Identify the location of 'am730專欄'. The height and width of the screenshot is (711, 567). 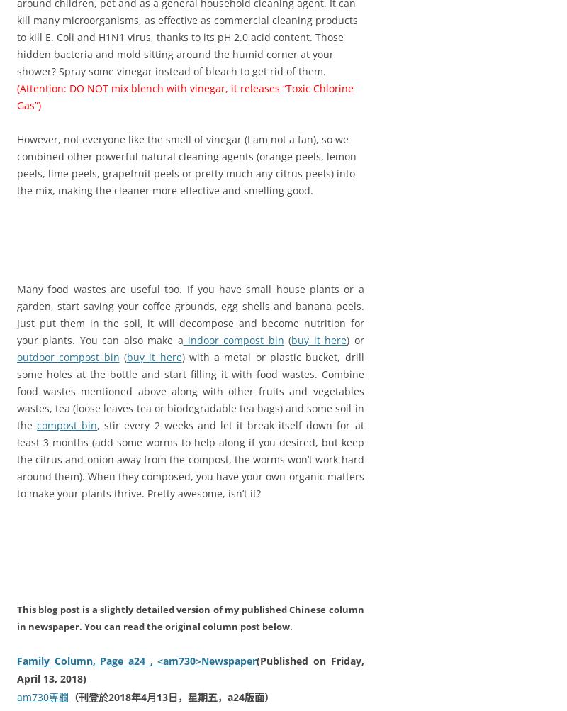
(17, 696).